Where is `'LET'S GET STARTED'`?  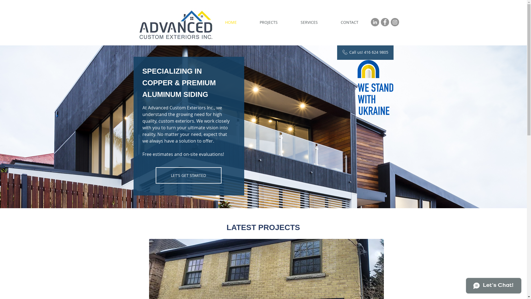 'LET'S GET STARTED' is located at coordinates (188, 175).